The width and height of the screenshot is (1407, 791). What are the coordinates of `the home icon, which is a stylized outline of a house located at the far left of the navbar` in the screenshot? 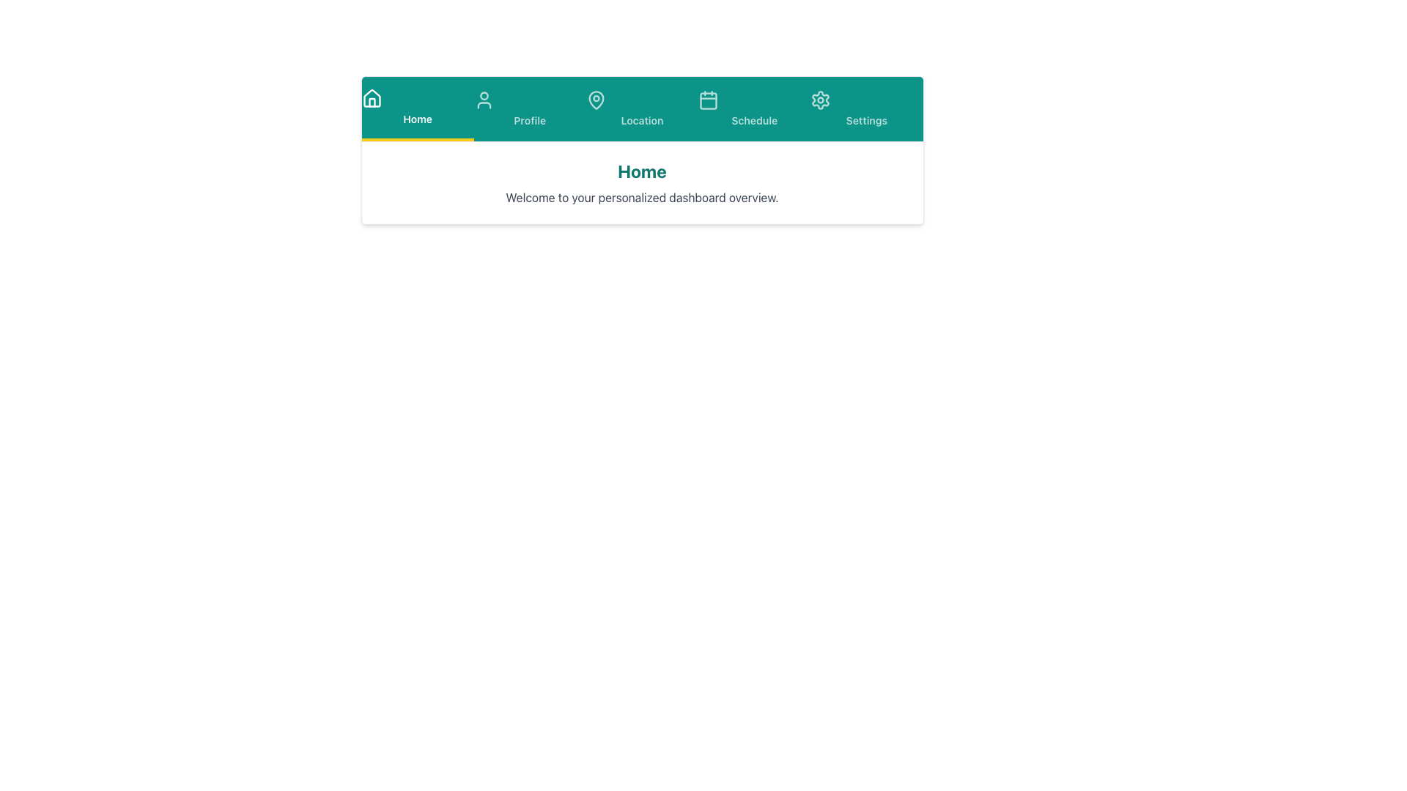 It's located at (372, 98).